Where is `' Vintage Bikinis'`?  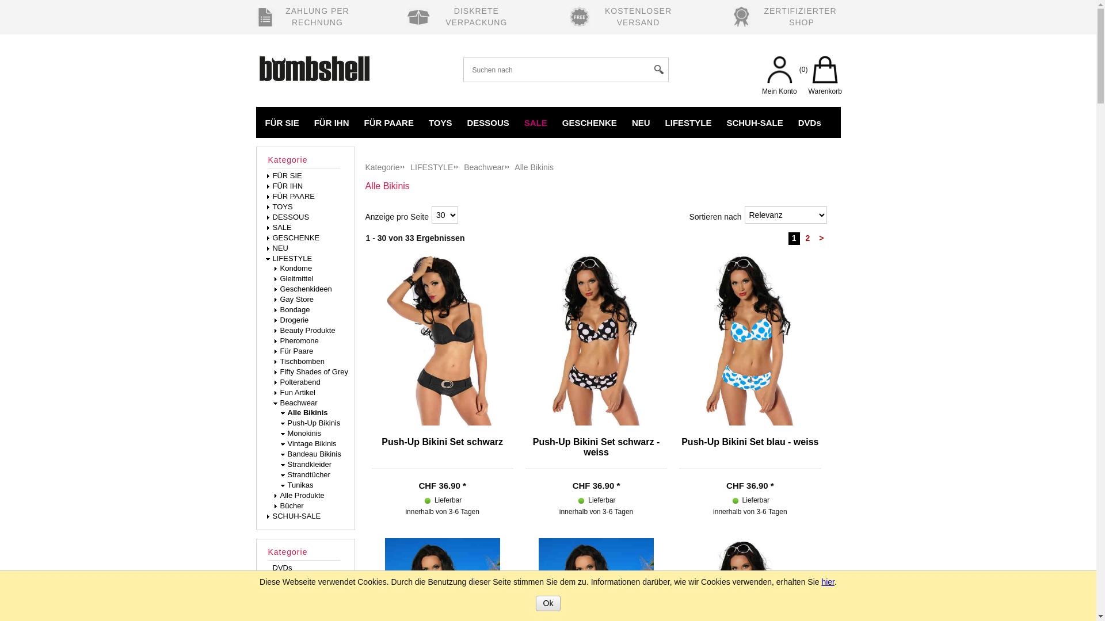 ' Vintage Bikinis' is located at coordinates (287, 443).